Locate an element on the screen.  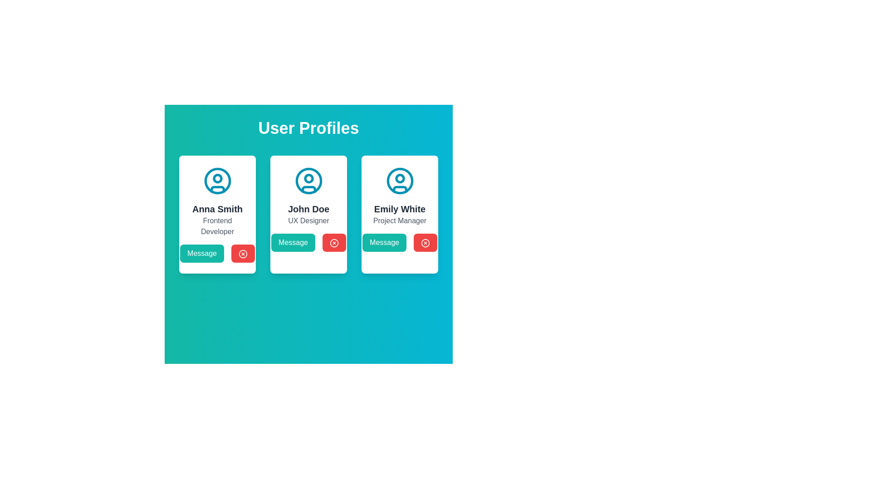
text label that serves as the name identifier for the individual represented by the card, positioned above 'UX Designer' and below the user avatar in the center card of a three-card layout is located at coordinates (308, 209).